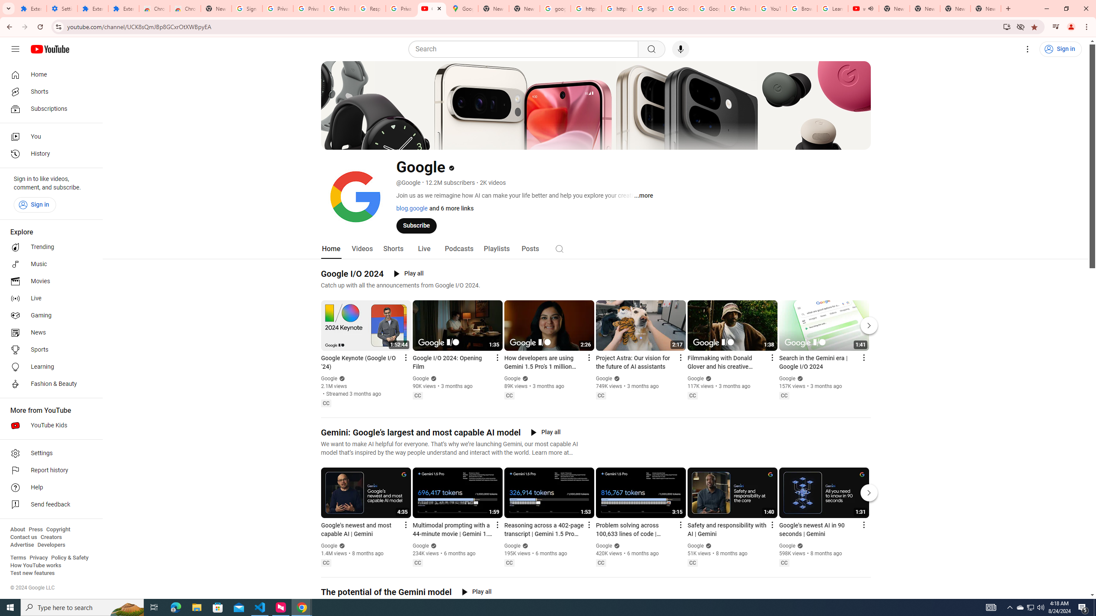 The width and height of the screenshot is (1096, 616). Describe the element at coordinates (48, 349) in the screenshot. I see `'Sports'` at that location.